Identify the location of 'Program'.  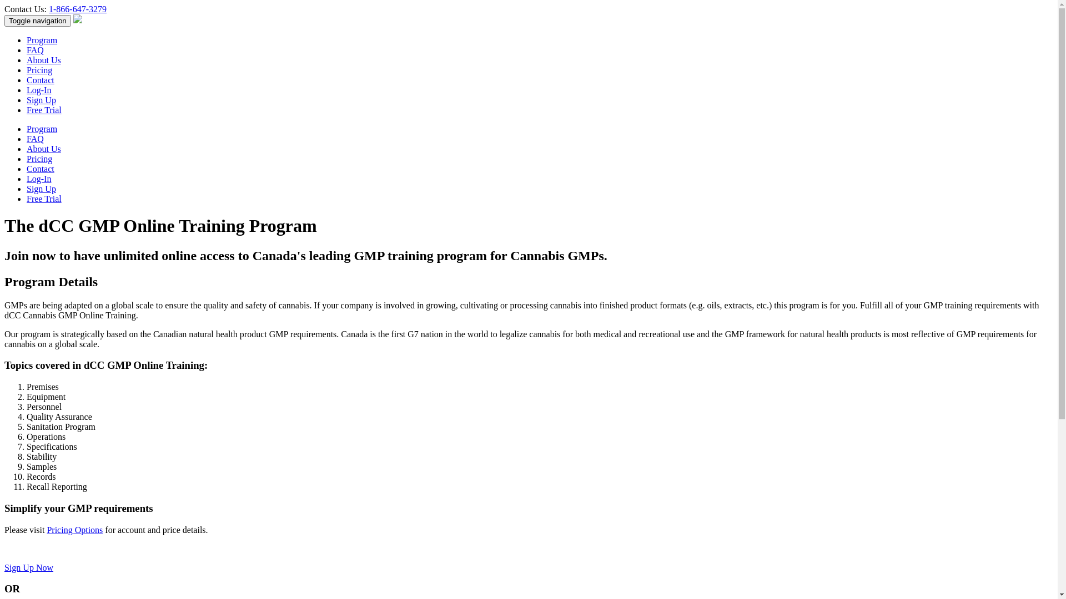
(42, 39).